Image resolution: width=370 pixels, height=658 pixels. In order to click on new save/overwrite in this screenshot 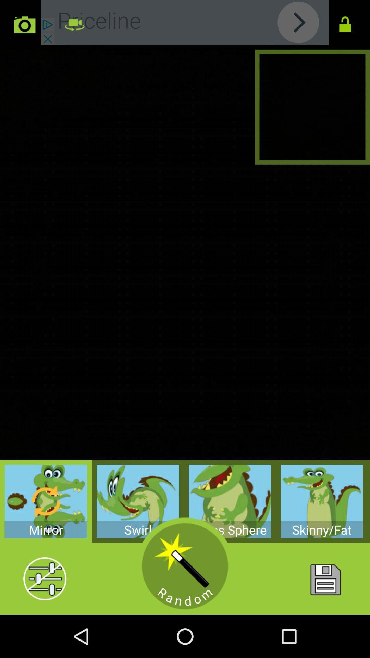, I will do `click(324, 578)`.